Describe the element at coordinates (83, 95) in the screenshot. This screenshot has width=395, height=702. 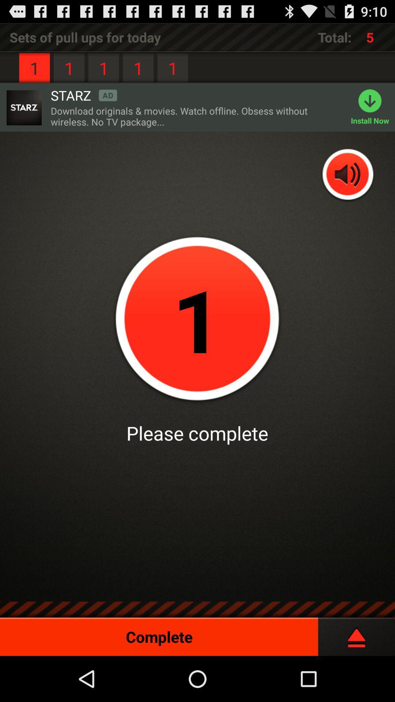
I see `the item next to 1 icon` at that location.